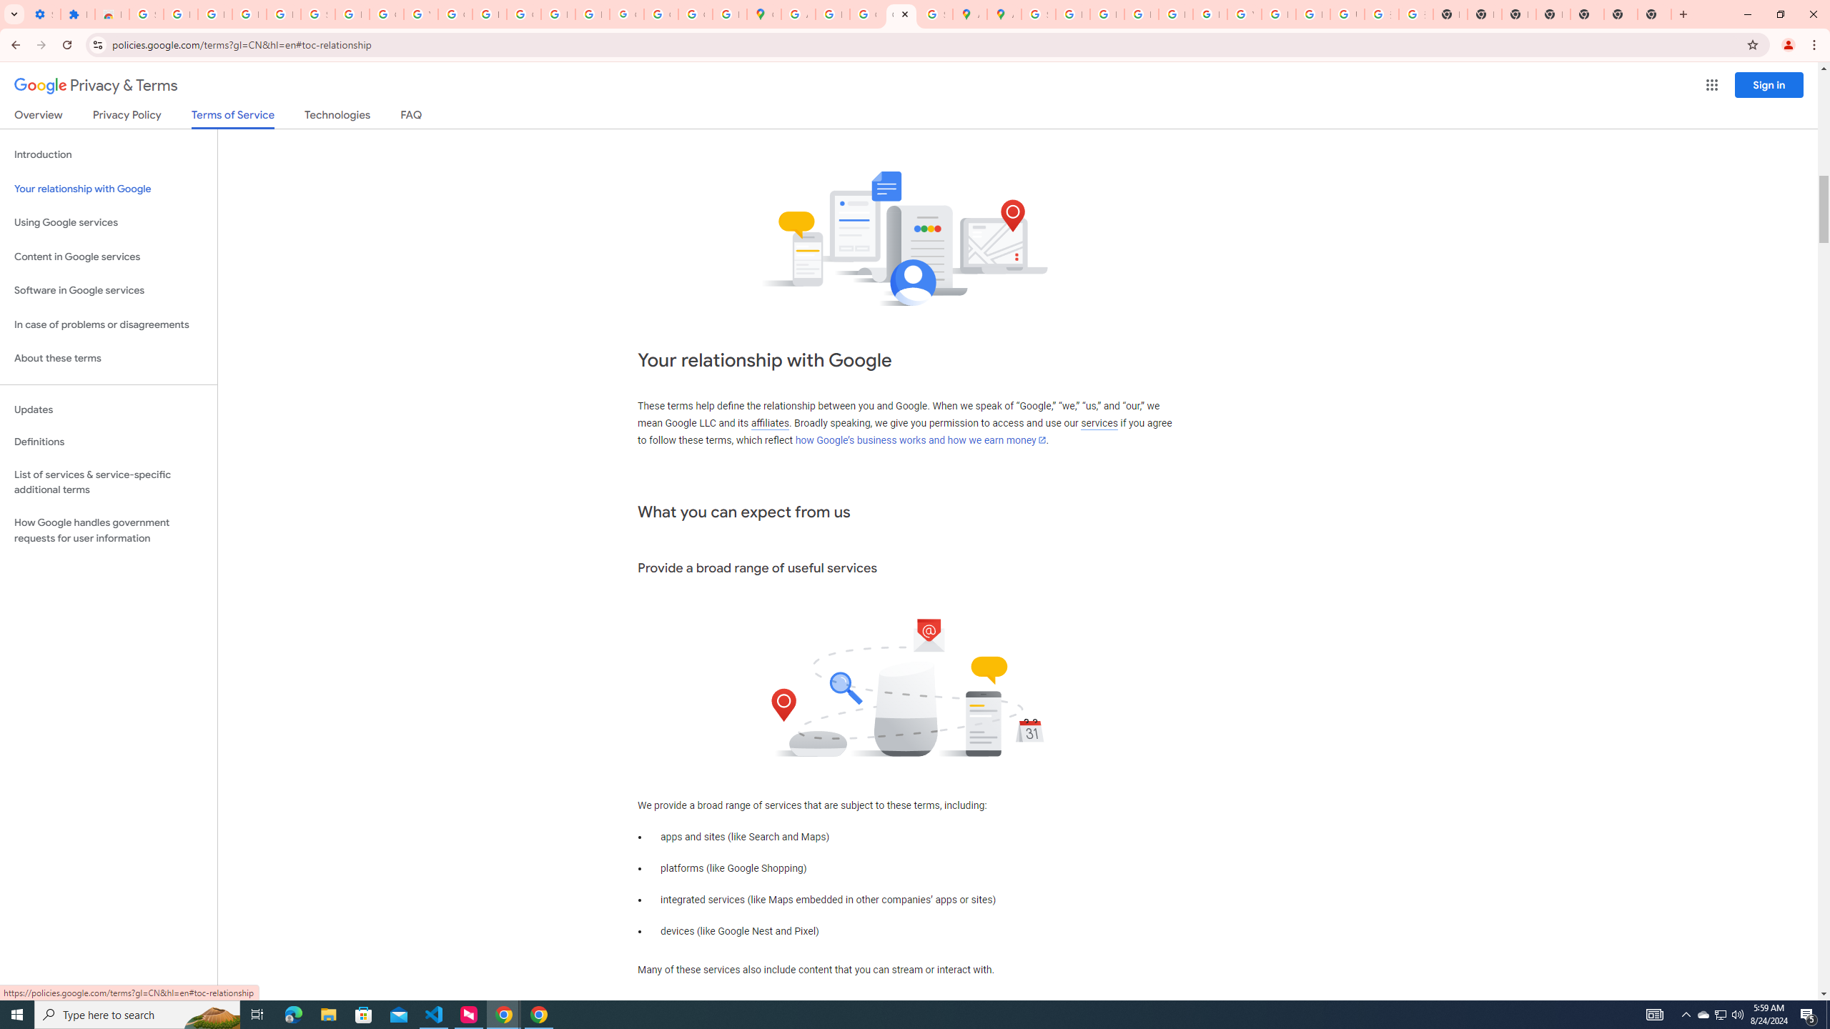  Describe the element at coordinates (763, 14) in the screenshot. I see `'Google Maps'` at that location.